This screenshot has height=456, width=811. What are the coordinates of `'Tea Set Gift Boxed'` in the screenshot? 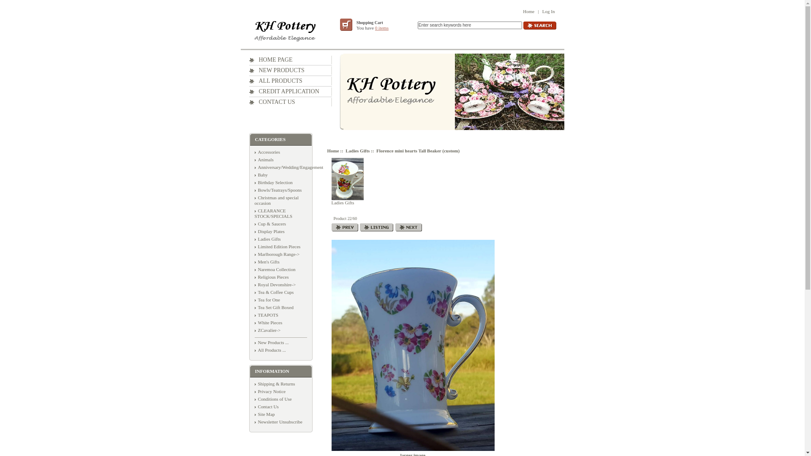 It's located at (274, 307).